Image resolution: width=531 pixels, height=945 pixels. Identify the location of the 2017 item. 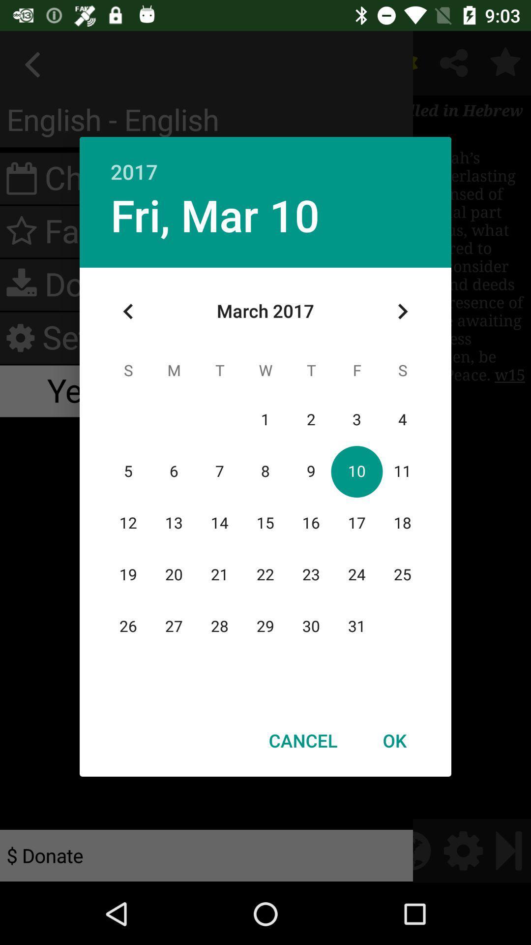
(265, 161).